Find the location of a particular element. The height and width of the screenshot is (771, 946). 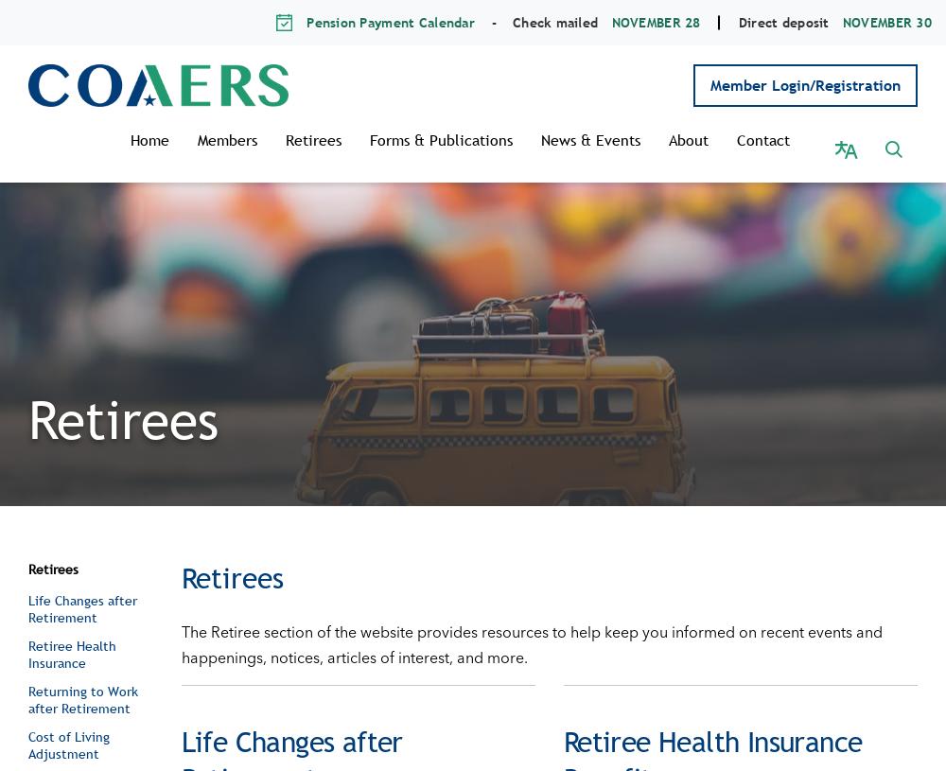

'Members' is located at coordinates (246, 140).